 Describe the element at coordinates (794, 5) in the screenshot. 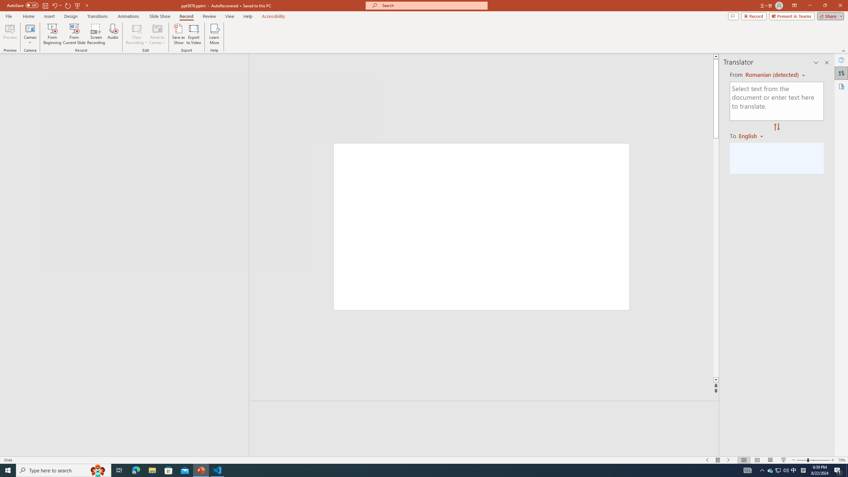

I see `'Ribbon Display Options'` at that location.